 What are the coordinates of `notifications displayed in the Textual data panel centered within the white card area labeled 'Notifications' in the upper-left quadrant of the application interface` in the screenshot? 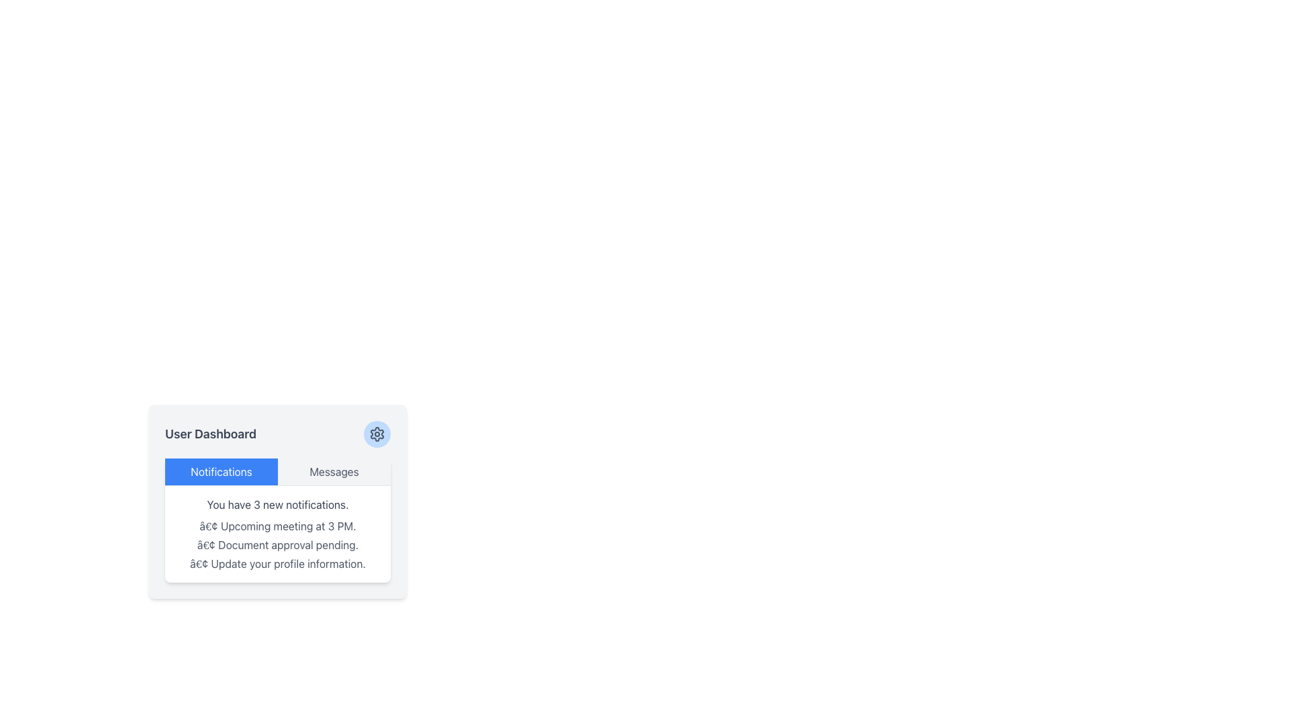 It's located at (277, 533).